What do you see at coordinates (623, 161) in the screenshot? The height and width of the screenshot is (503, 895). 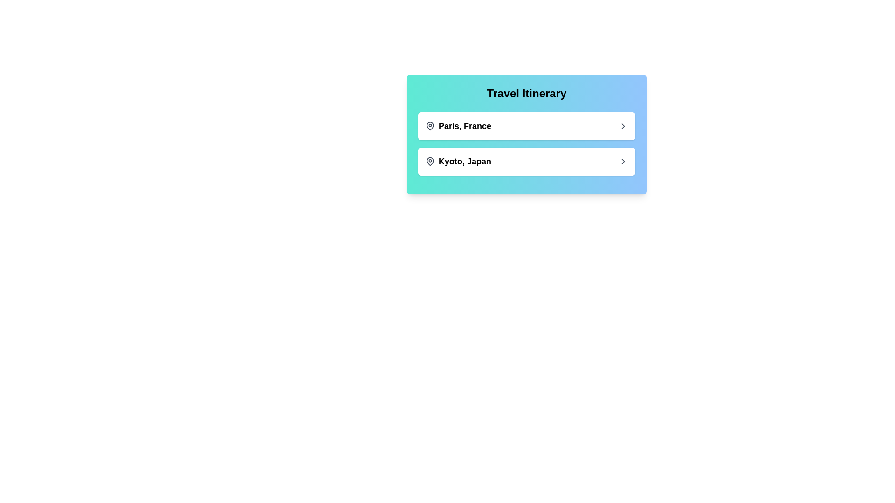 I see `the chevron icon located at the far right side of the text 'Kyoto, Japan' to proceed with navigation or selection` at bounding box center [623, 161].